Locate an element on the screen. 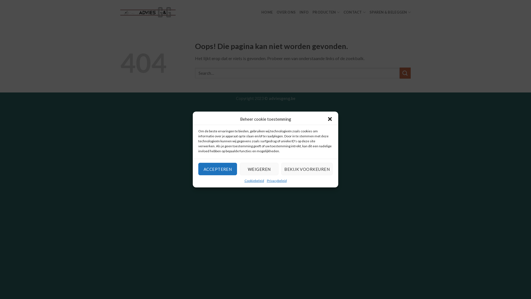 The height and width of the screenshot is (299, 531). 'INFO' is located at coordinates (304, 12).